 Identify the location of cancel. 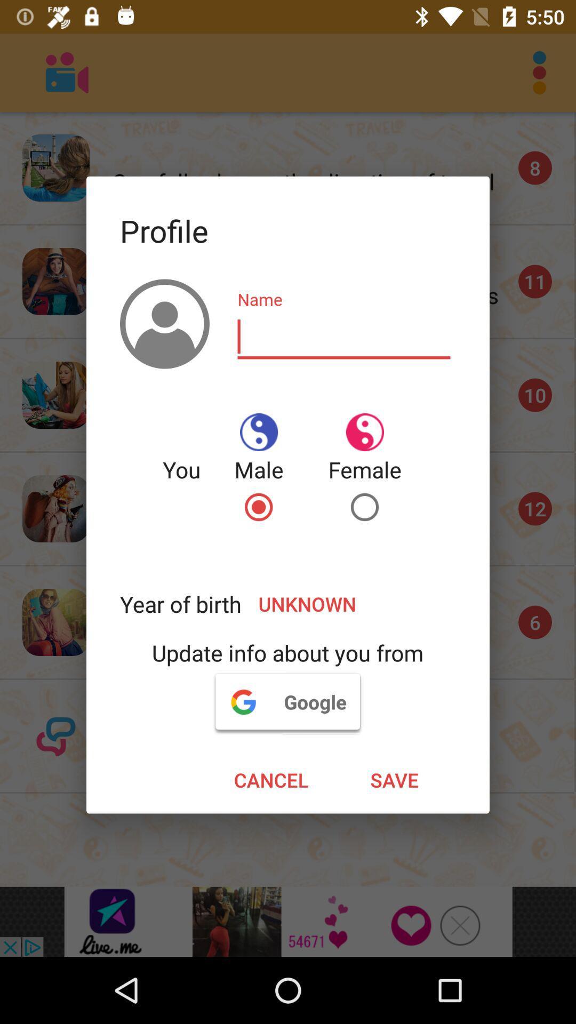
(270, 780).